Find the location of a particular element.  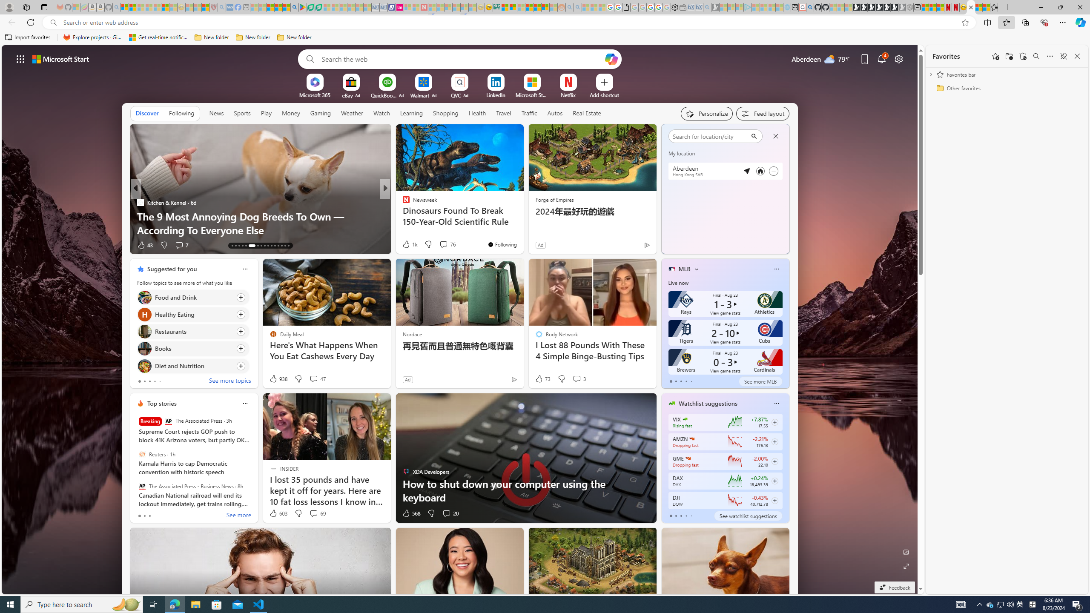

'Detected location' is located at coordinates (746, 171).